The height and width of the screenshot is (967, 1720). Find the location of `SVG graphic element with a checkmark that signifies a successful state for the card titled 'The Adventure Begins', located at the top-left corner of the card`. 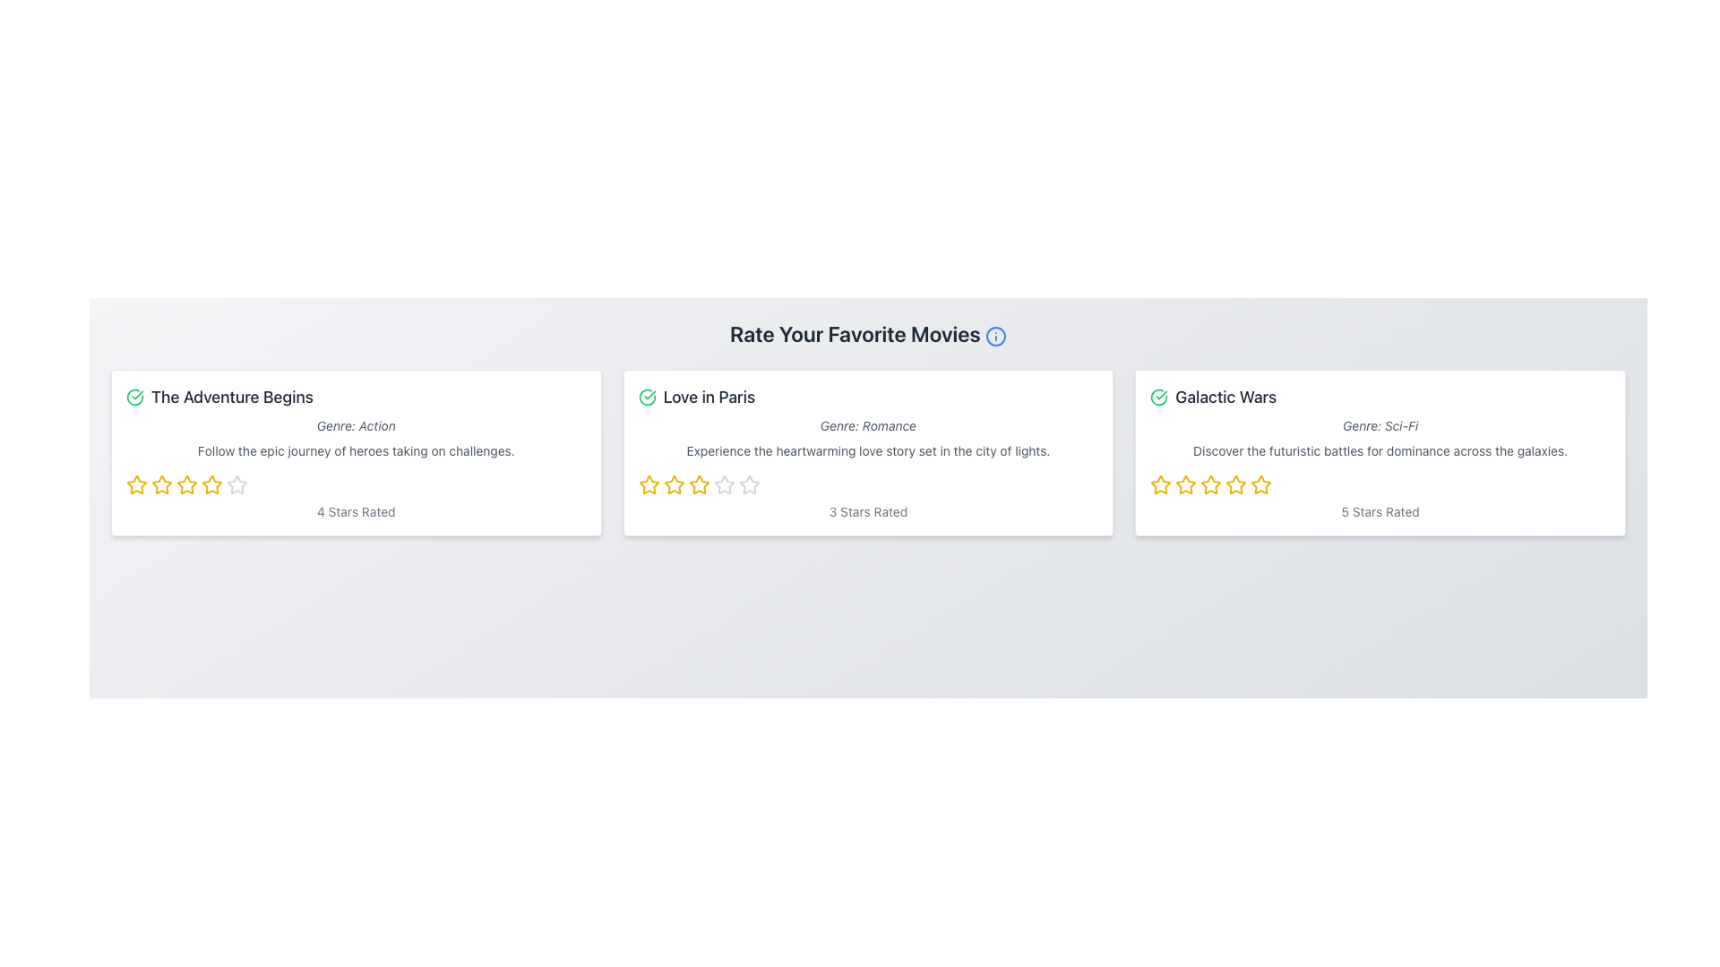

SVG graphic element with a checkmark that signifies a successful state for the card titled 'The Adventure Begins', located at the top-left corner of the card is located at coordinates (133, 396).